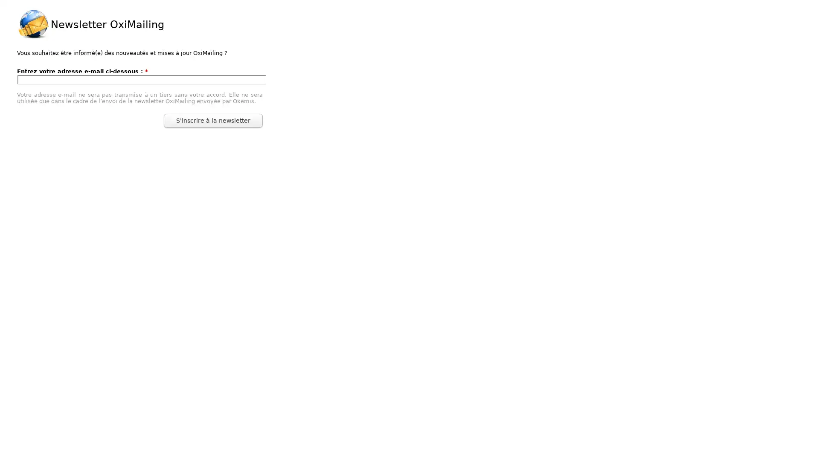 This screenshot has height=460, width=819. Describe the element at coordinates (213, 120) in the screenshot. I see `S'inscrire a la newsletter` at that location.